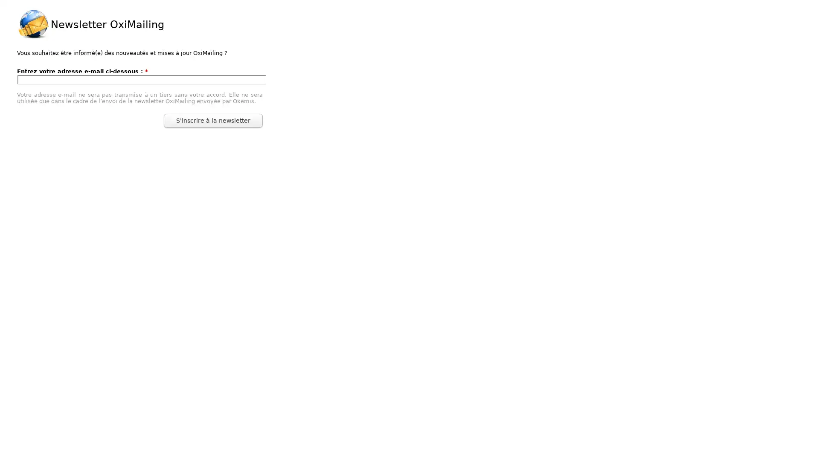 This screenshot has height=460, width=819. Describe the element at coordinates (213, 120) in the screenshot. I see `S'inscrire a la newsletter` at that location.